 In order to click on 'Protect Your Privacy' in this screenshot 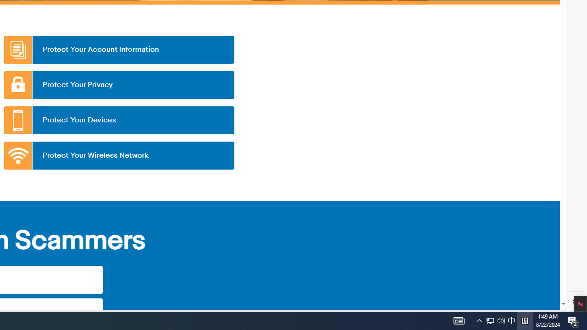, I will do `click(118, 85)`.